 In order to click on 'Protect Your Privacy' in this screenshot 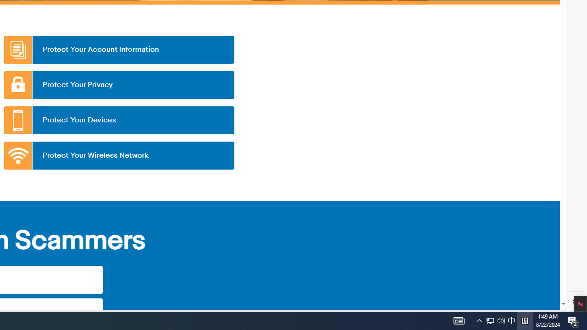, I will do `click(118, 85)`.